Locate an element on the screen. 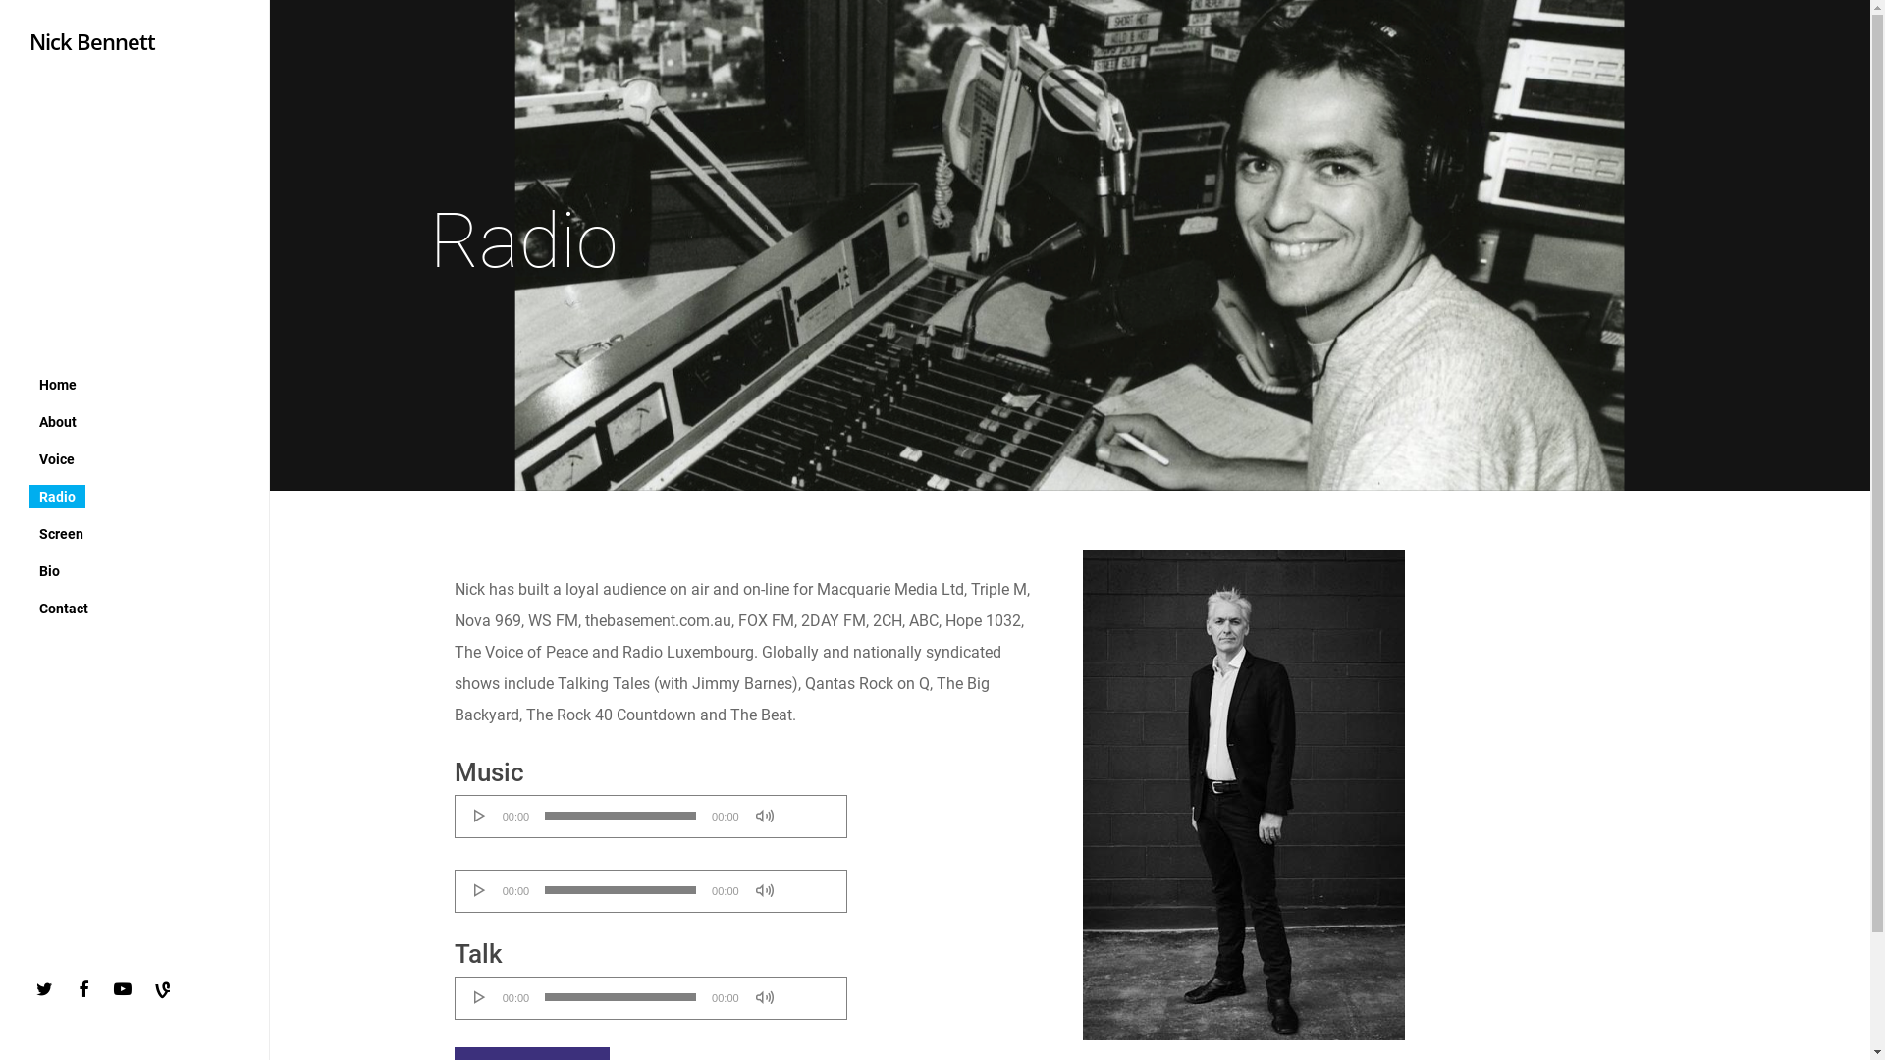 The height and width of the screenshot is (1060, 1885). 'Home' is located at coordinates (57, 383).